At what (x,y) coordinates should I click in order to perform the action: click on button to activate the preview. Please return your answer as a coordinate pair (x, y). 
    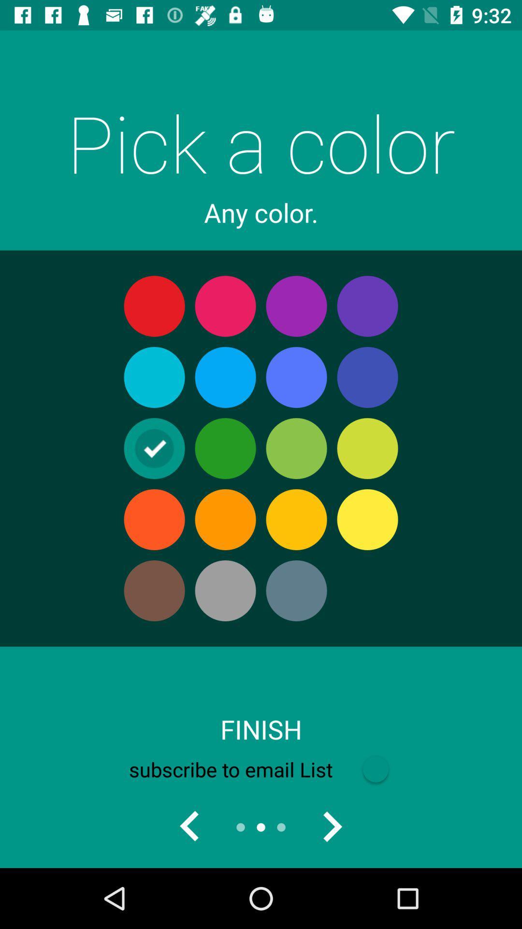
    Looking at the image, I should click on (190, 826).